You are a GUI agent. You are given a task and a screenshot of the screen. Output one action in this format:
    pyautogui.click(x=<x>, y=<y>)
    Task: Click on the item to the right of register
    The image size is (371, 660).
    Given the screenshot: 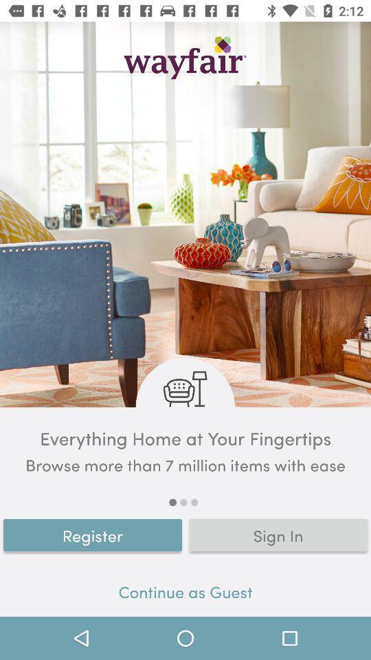 What is the action you would take?
    pyautogui.click(x=278, y=534)
    